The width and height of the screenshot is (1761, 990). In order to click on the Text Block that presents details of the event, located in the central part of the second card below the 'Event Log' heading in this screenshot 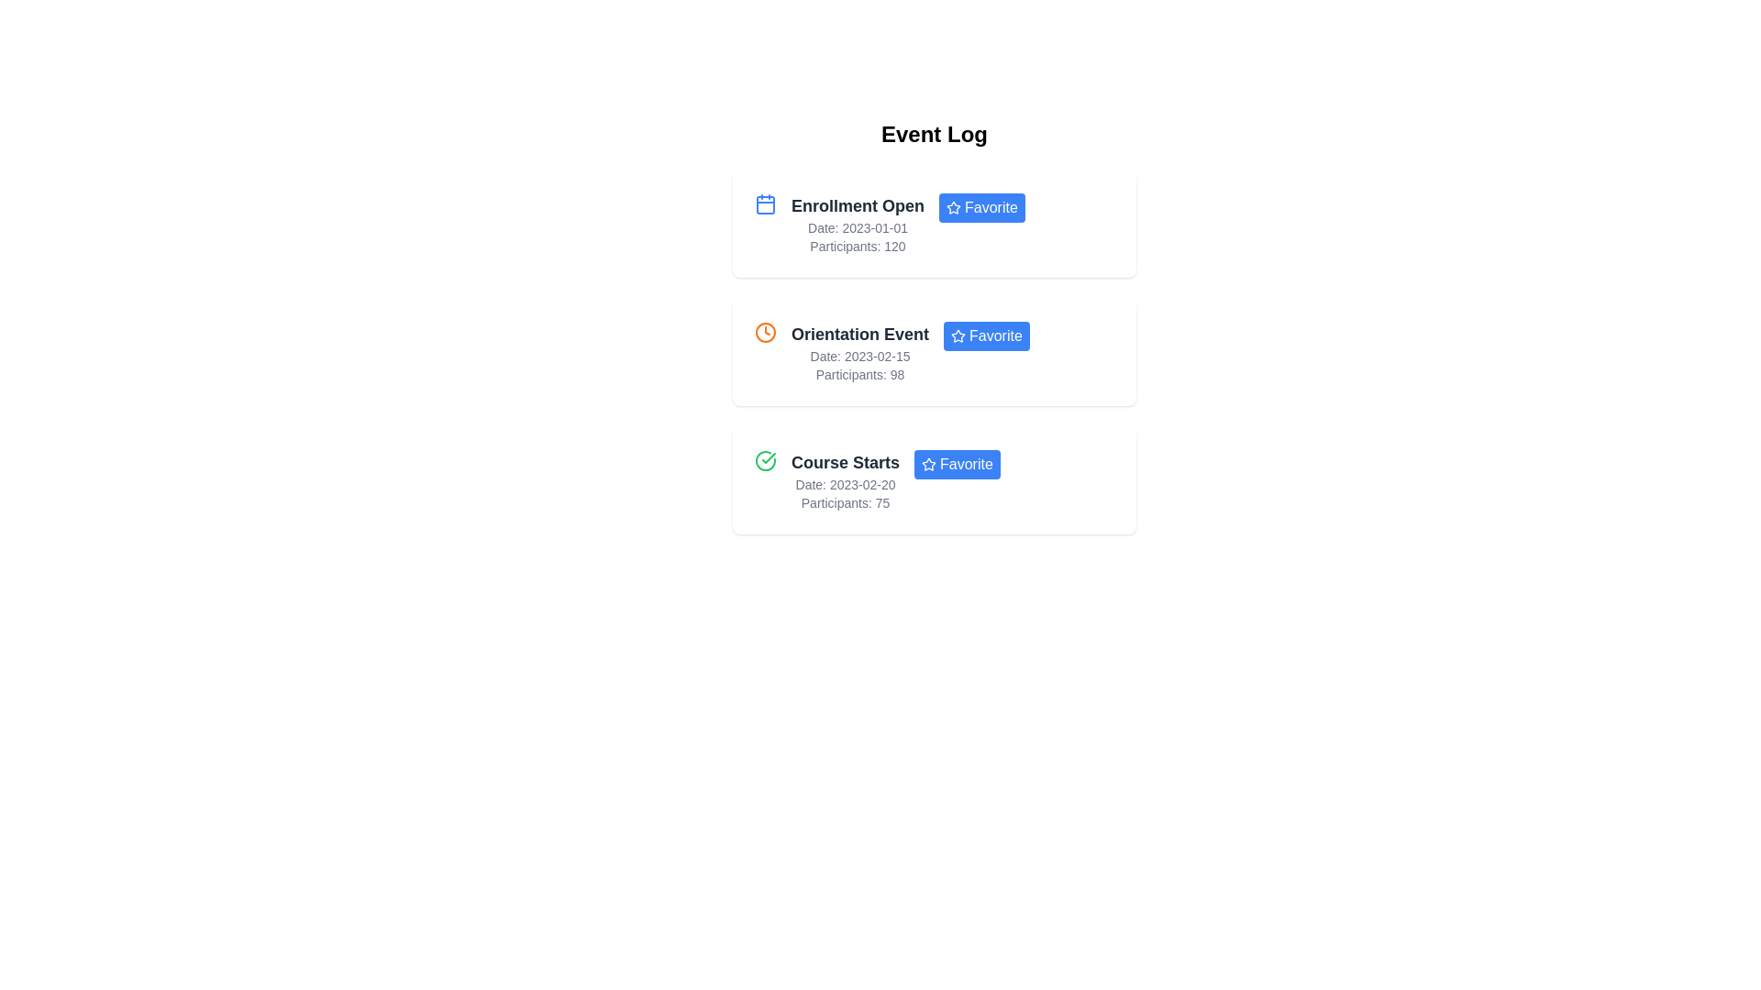, I will do `click(859, 353)`.